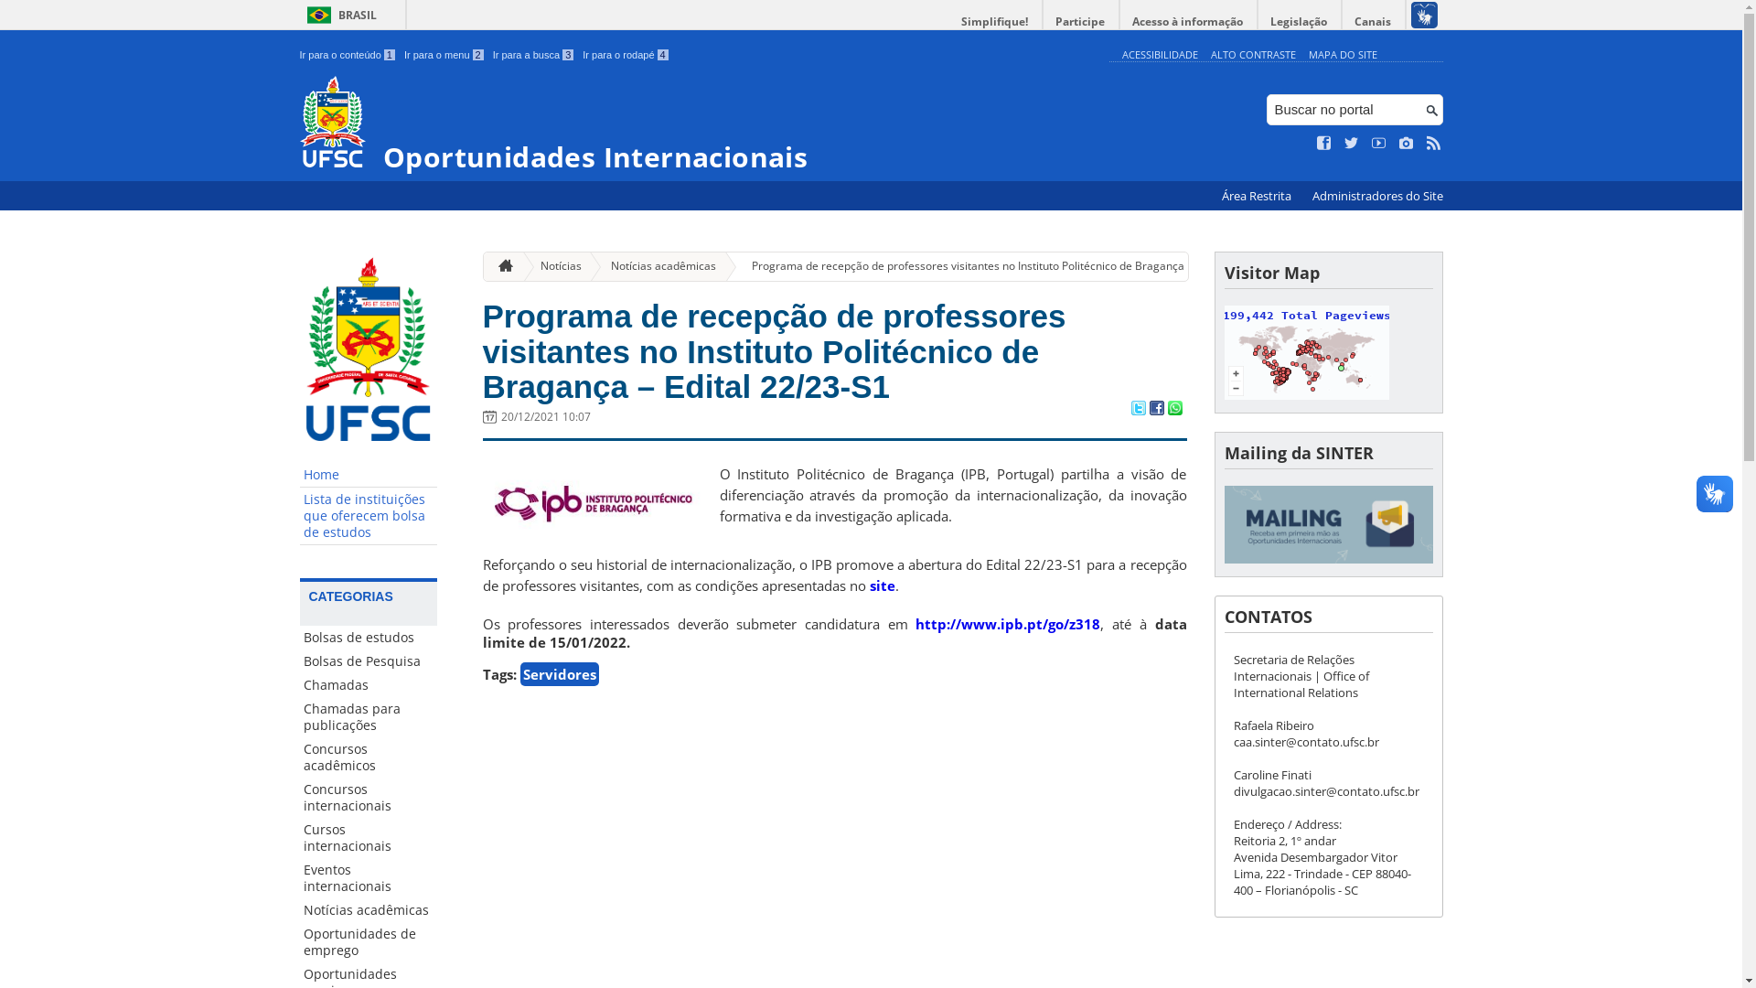  Describe the element at coordinates (1398, 143) in the screenshot. I see `'Veja no Instagram'` at that location.